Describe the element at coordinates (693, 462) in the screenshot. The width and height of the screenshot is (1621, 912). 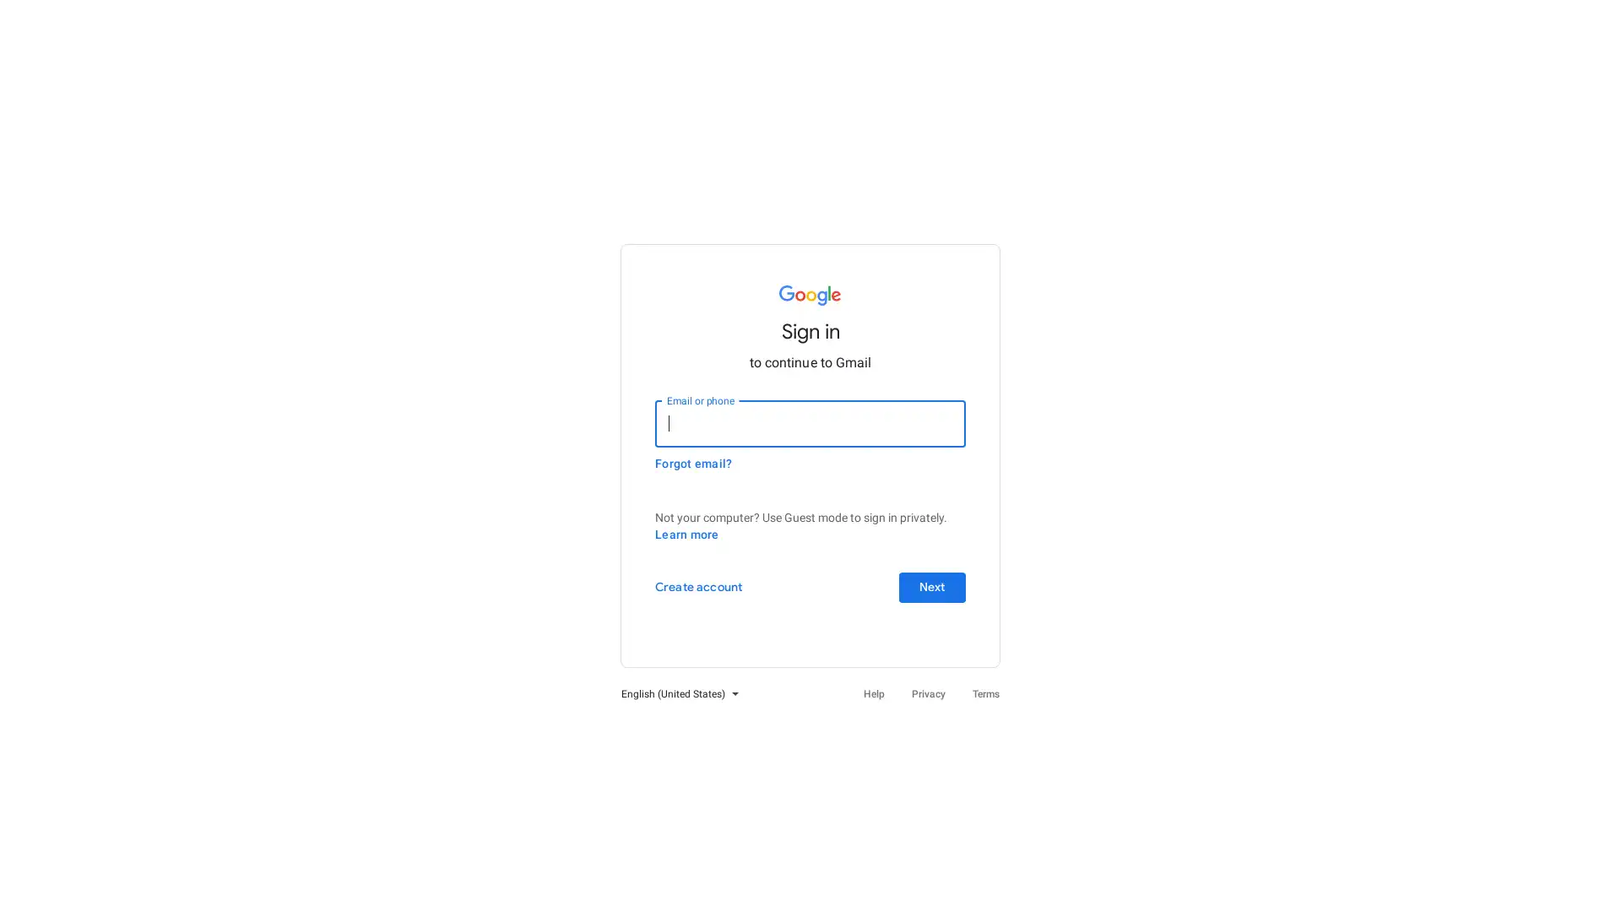
I see `Forgot email?` at that location.